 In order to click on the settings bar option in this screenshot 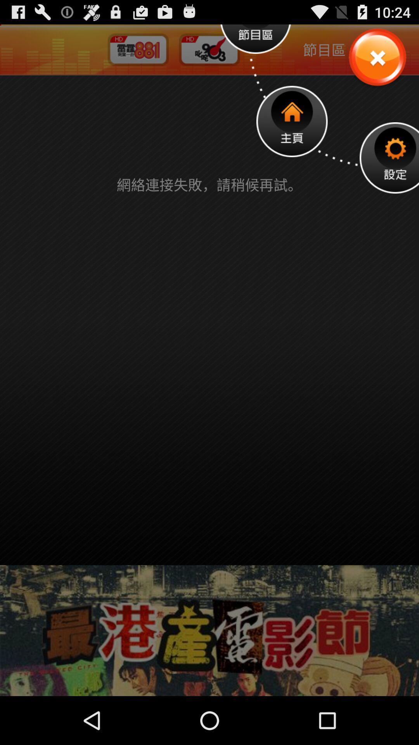, I will do `click(389, 157)`.